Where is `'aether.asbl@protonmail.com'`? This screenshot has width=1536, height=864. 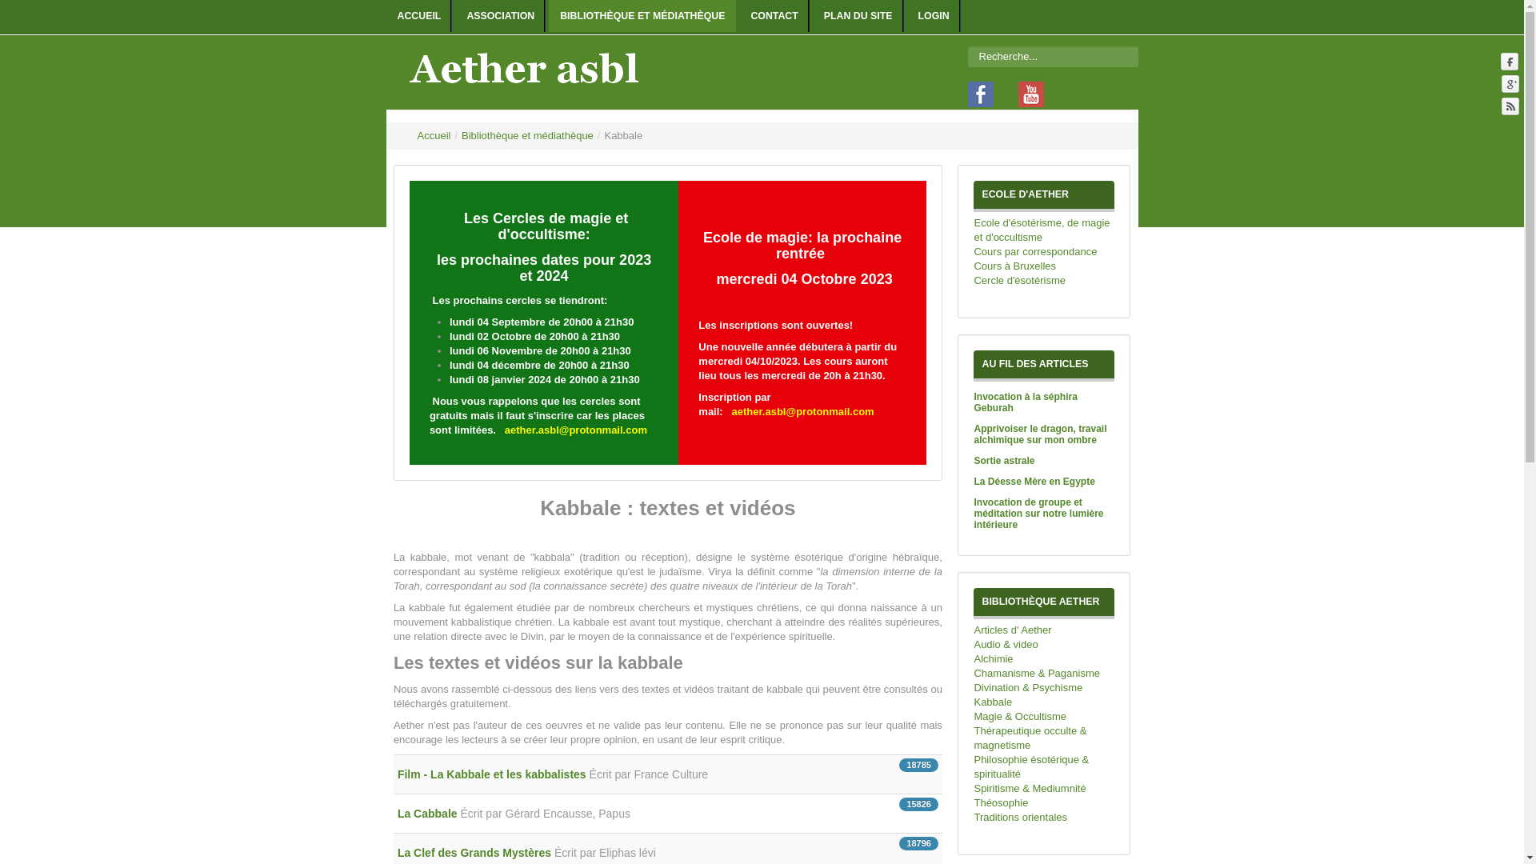
'aether.asbl@protonmail.com' is located at coordinates (576, 429).